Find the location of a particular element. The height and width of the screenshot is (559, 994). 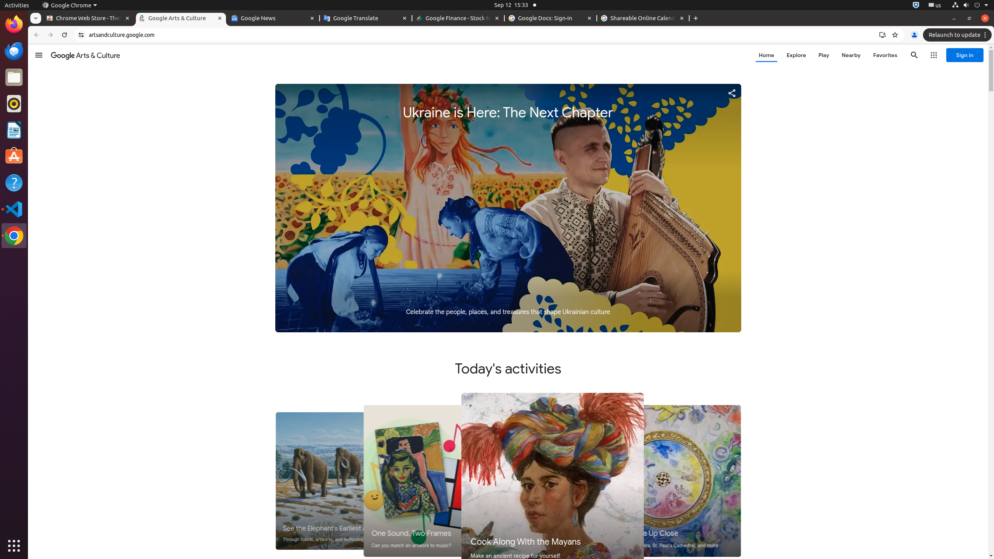

'Install Google Arts & Culture' is located at coordinates (882, 35).